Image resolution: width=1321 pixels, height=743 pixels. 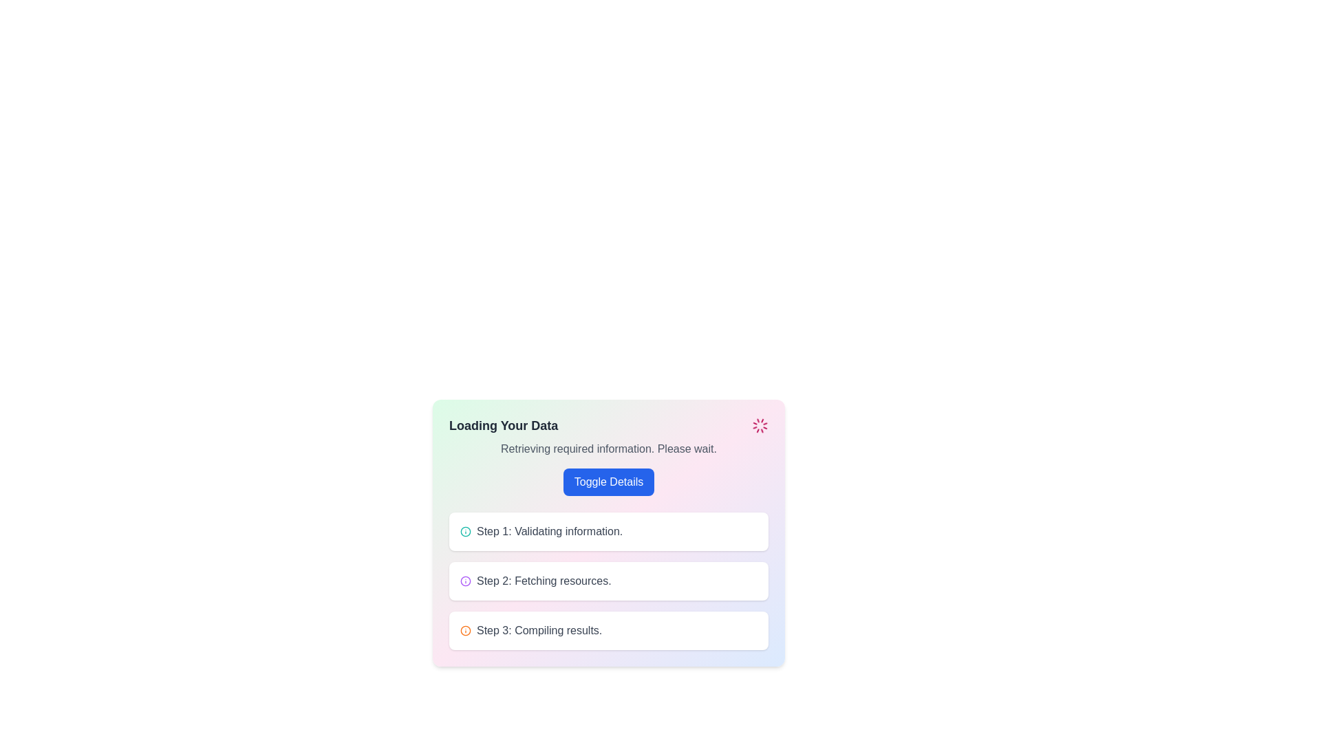 What do you see at coordinates (465, 530) in the screenshot?
I see `the teal circular icon representing the 'info' symbol, which is part of an icon set located at the top left of the progress block labeled 'Step 1: Validating information.'` at bounding box center [465, 530].